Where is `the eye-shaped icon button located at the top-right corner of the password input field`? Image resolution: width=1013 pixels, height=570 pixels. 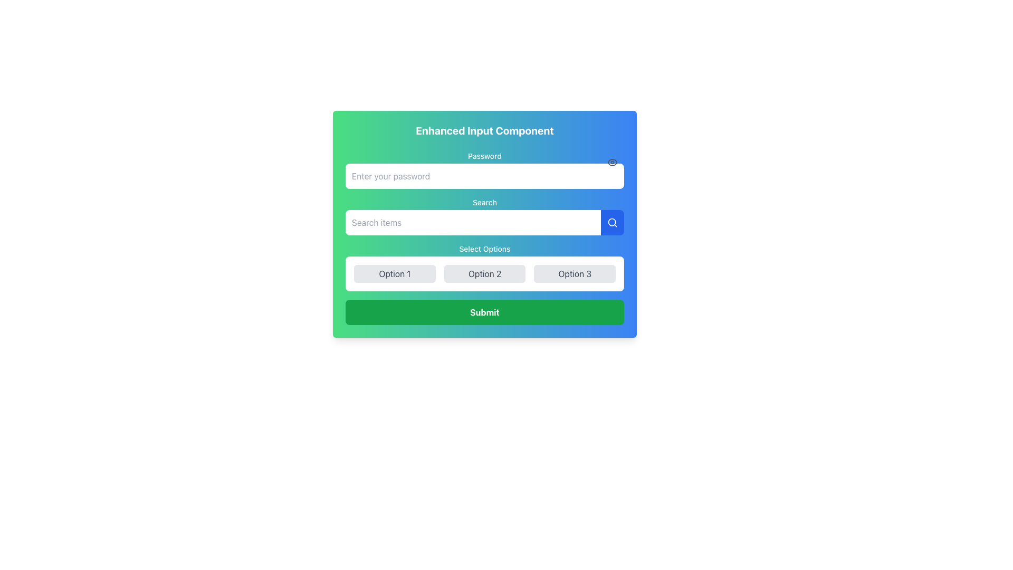
the eye-shaped icon button located at the top-right corner of the password input field is located at coordinates (613, 163).